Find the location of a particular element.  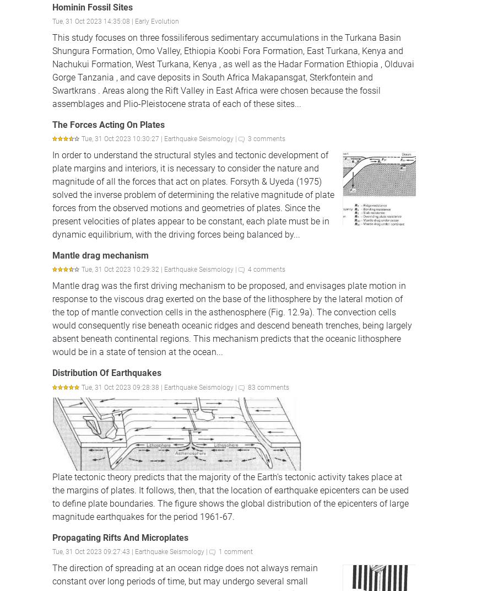

'Tue, 31 Oct 2023 10:30:27                                    |' is located at coordinates (123, 139).